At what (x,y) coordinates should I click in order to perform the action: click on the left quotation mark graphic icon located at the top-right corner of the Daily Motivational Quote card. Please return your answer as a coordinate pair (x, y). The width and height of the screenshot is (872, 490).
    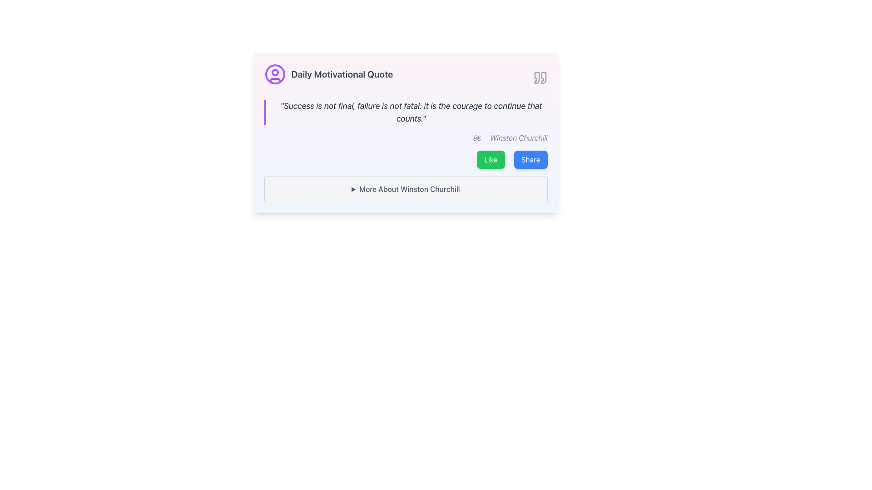
    Looking at the image, I should click on (537, 78).